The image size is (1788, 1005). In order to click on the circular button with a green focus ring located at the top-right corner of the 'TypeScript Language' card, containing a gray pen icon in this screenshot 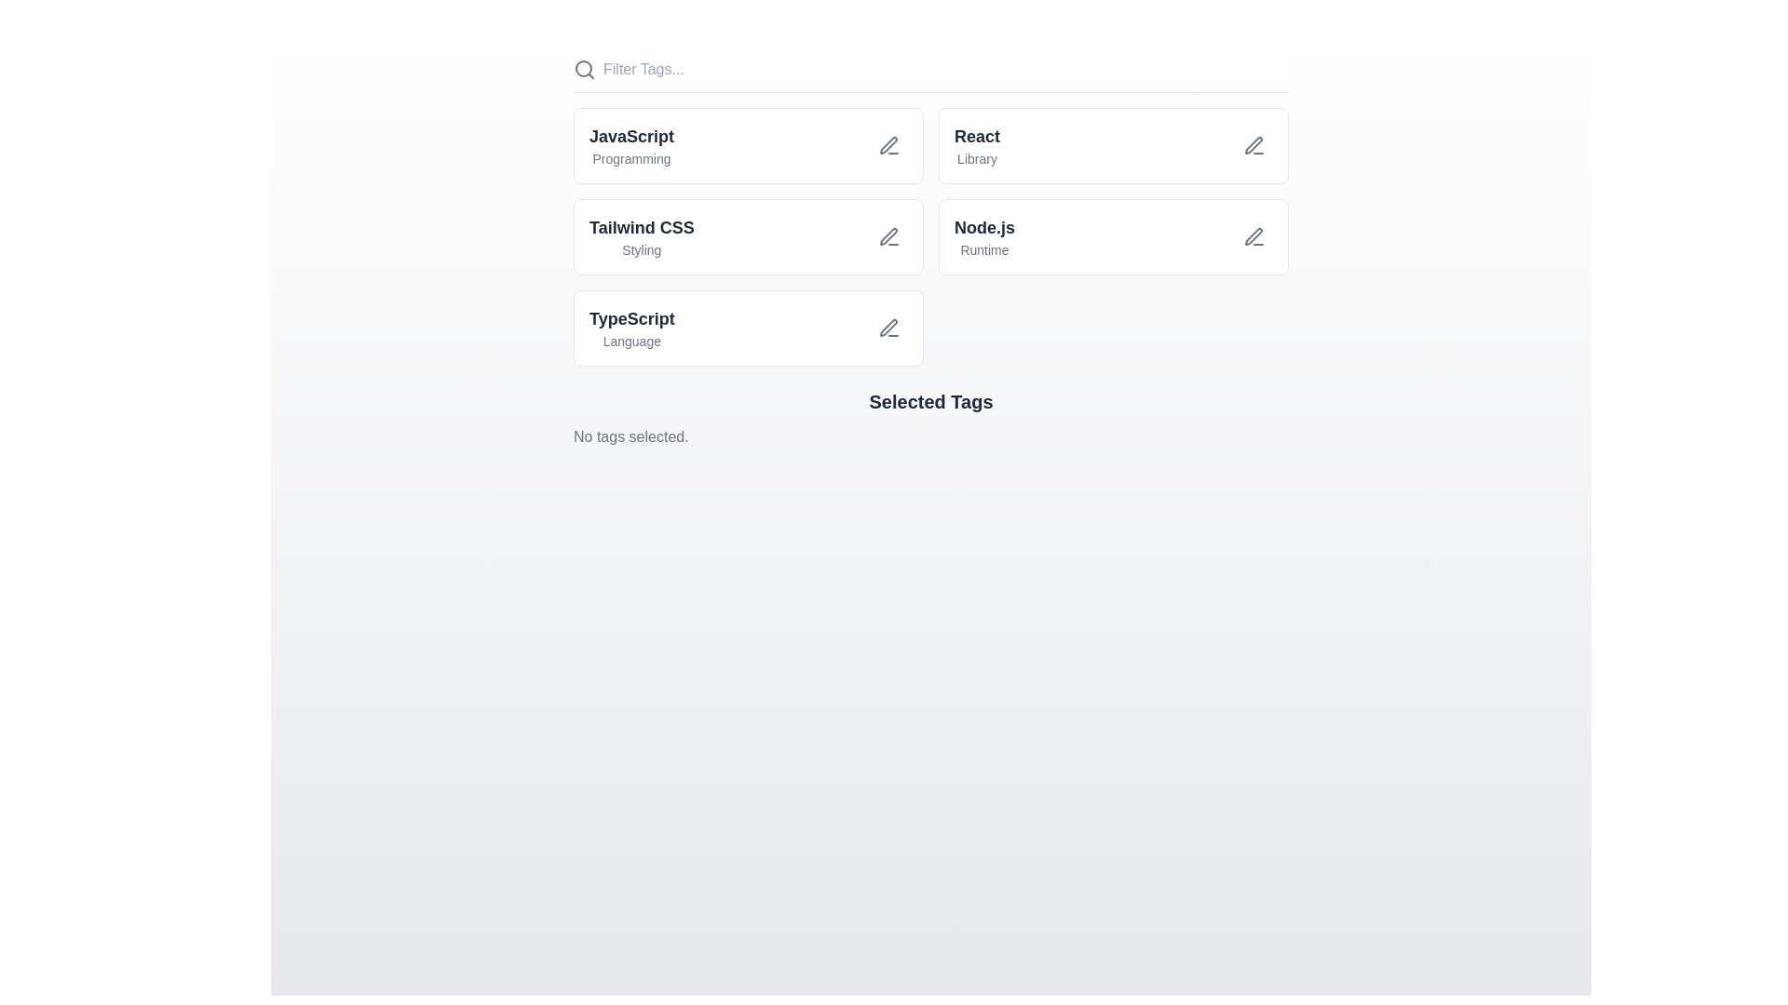, I will do `click(888, 328)`.